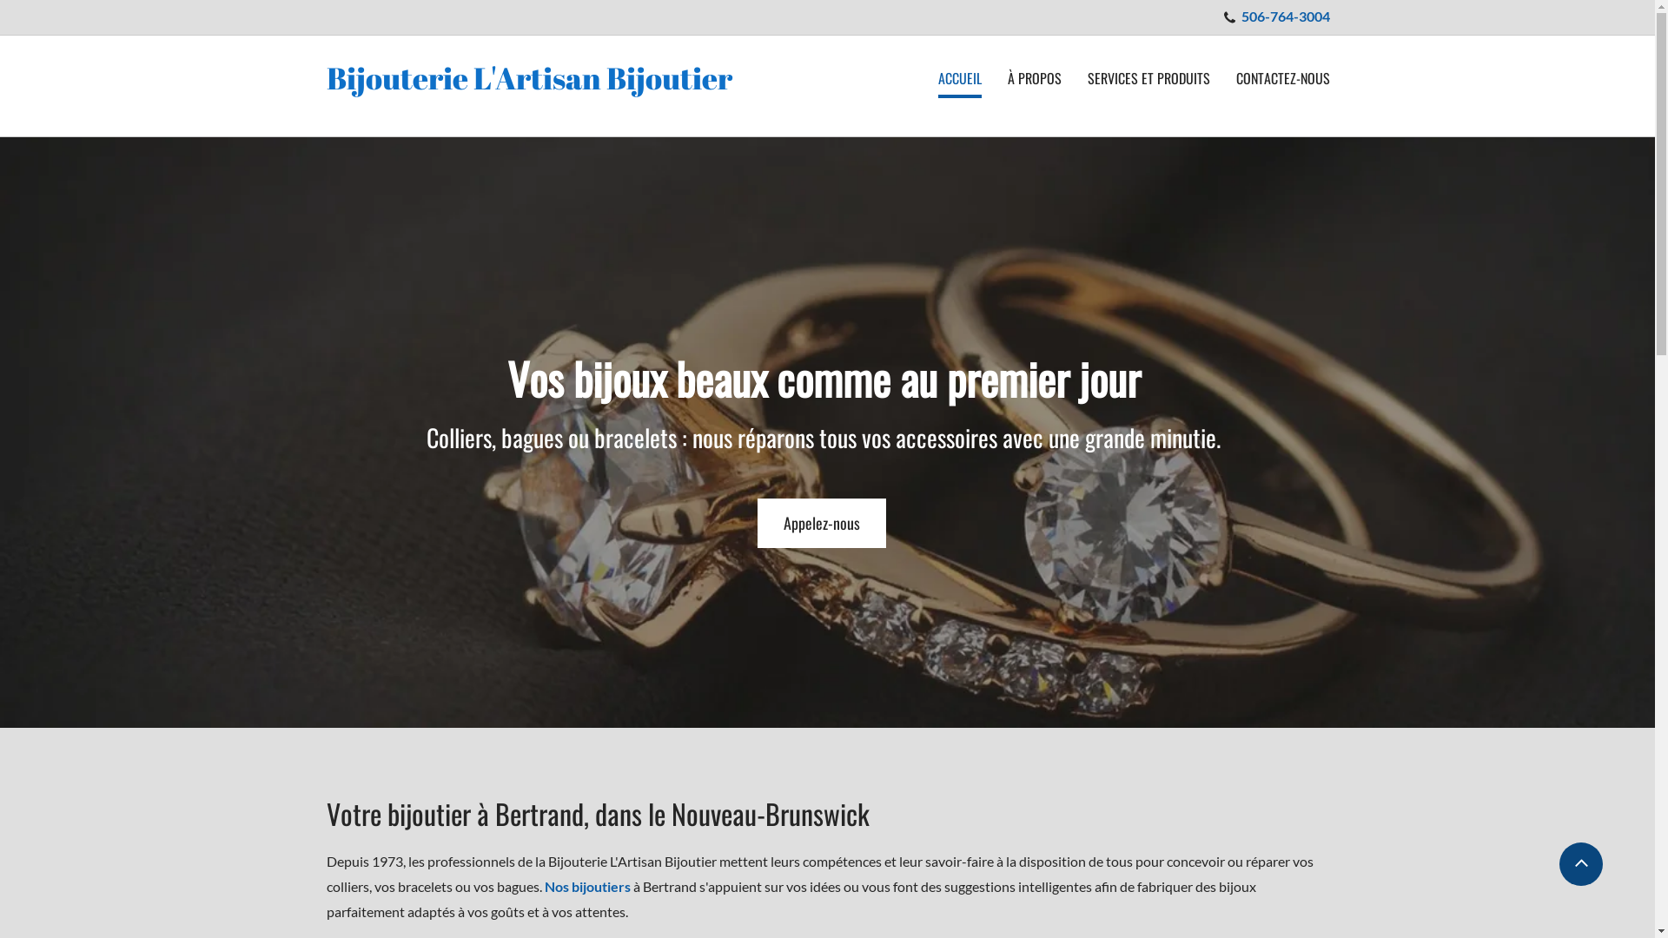 The image size is (1668, 938). Describe the element at coordinates (1282, 79) in the screenshot. I see `'CONTACTEZ-NOUS'` at that location.